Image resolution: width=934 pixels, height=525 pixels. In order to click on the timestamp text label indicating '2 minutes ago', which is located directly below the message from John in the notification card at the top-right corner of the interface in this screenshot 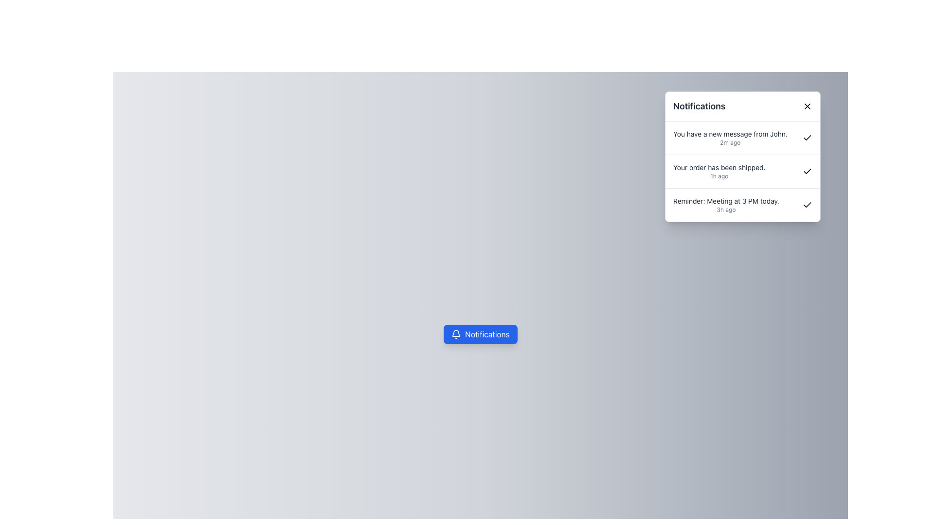, I will do `click(730, 142)`.